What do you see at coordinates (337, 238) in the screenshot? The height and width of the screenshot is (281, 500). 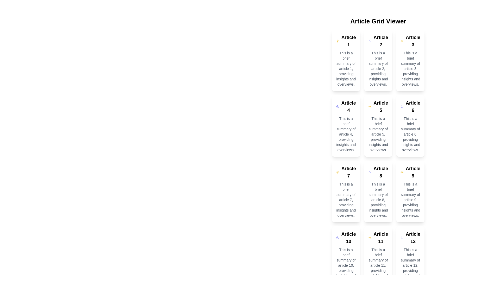 I see `the nighttime mode icon located to the left of the text 'Article 10' in the header of the card situated in the bottom-left corner of the last row in the grid layout` at bounding box center [337, 238].